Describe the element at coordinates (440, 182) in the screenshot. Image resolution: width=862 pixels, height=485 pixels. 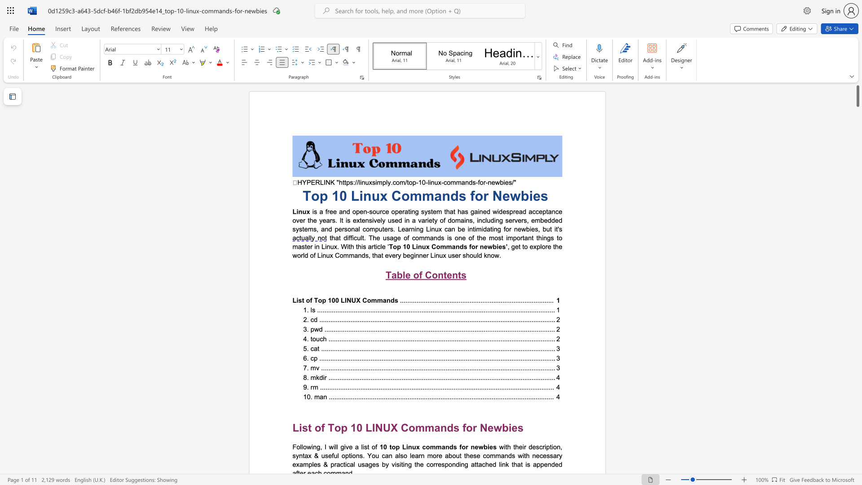
I see `the 2th character "x" in the text` at that location.